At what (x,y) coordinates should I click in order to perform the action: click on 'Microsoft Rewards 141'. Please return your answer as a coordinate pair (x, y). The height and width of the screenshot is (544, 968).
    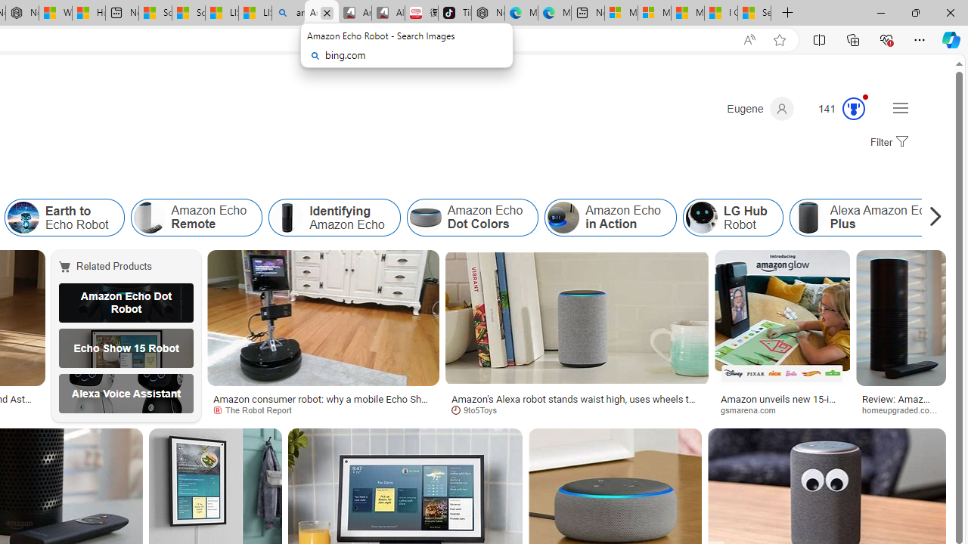
    Looking at the image, I should click on (835, 108).